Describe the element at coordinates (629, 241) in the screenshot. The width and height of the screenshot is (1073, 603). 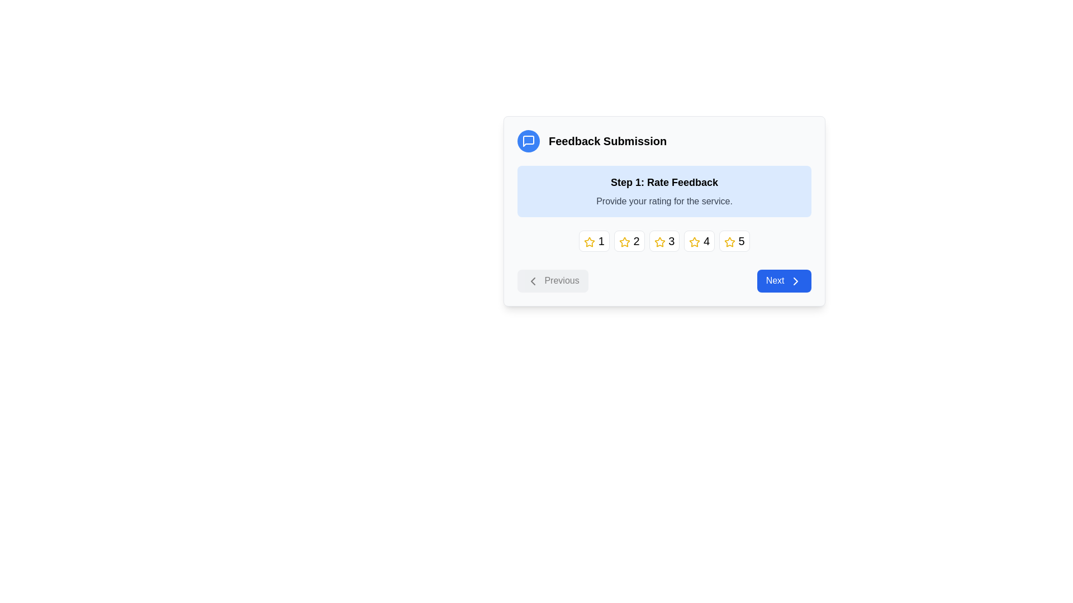
I see `the second rating button below 'Step 1: Rate Feedback' to register a score of two` at that location.